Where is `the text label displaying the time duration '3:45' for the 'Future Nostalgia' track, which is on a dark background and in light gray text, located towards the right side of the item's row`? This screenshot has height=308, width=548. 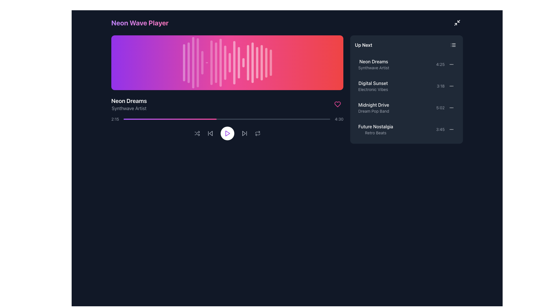 the text label displaying the time duration '3:45' for the 'Future Nostalgia' track, which is on a dark background and in light gray text, located towards the right side of the item's row is located at coordinates (440, 129).